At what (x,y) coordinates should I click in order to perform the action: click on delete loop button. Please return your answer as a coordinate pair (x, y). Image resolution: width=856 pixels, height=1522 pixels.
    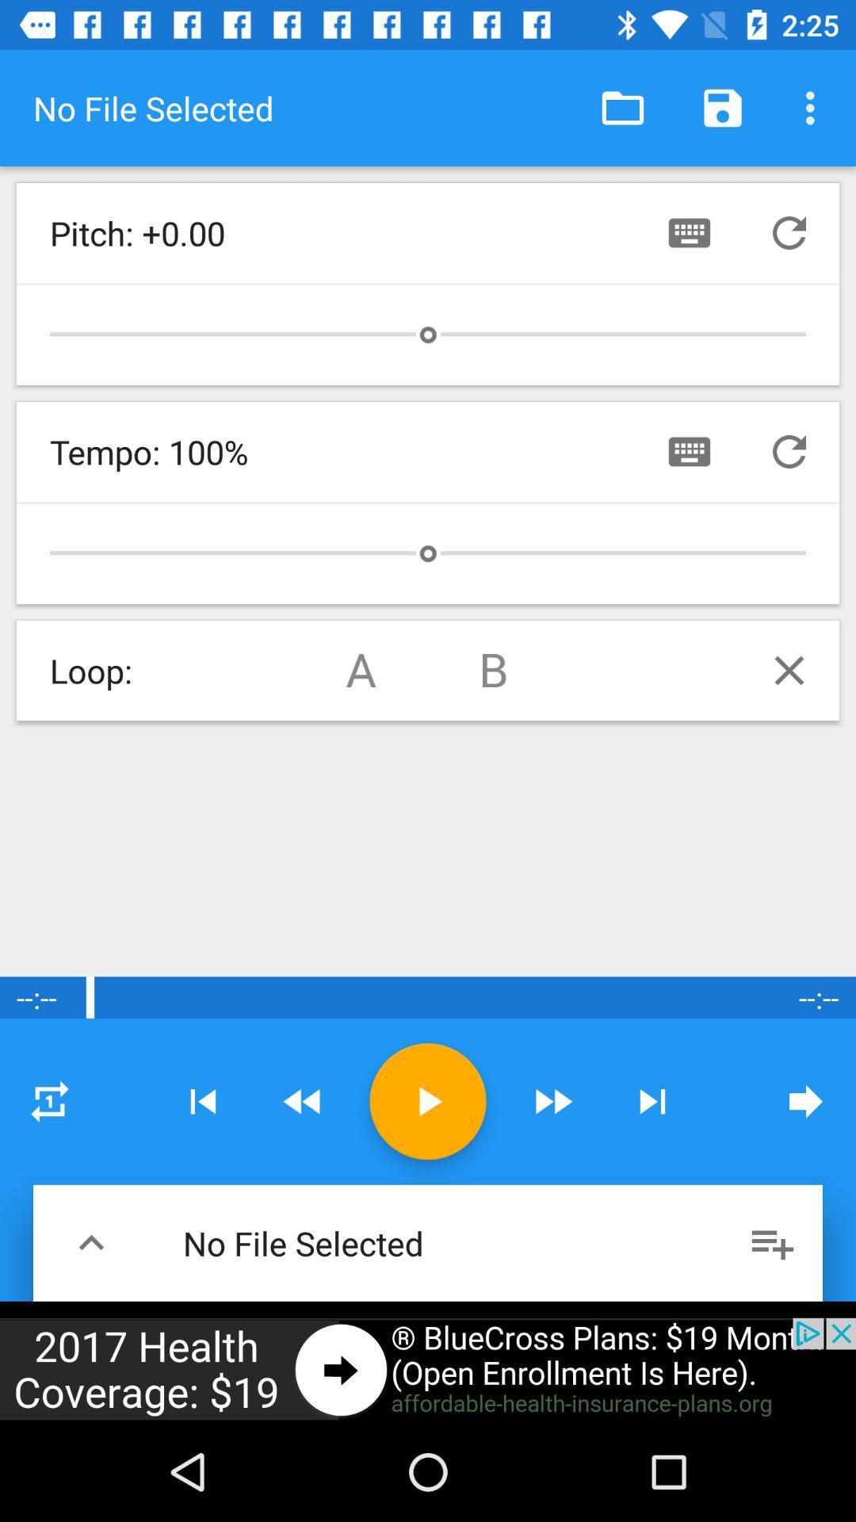
    Looking at the image, I should click on (789, 670).